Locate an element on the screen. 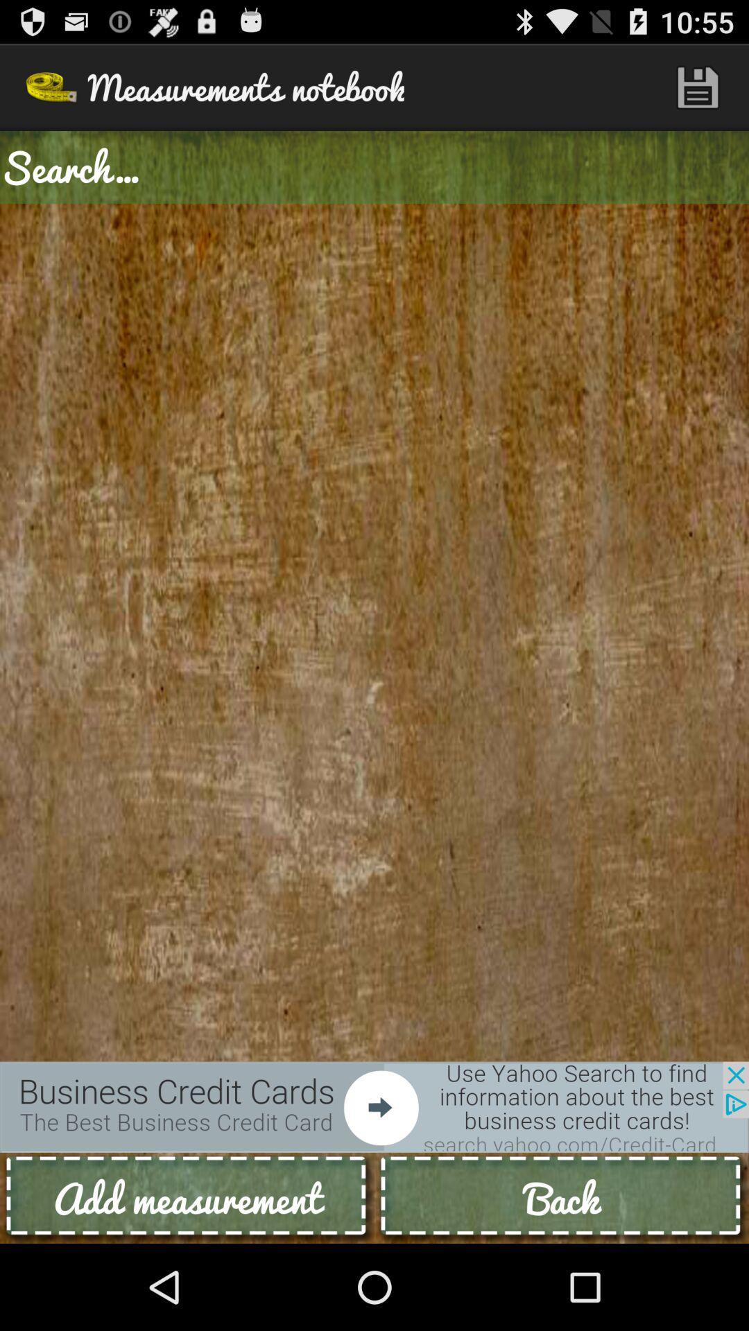 This screenshot has height=1331, width=749. opens webpage is located at coordinates (374, 1106).